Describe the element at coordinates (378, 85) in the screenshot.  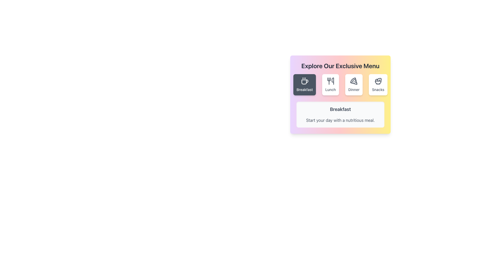
I see `the 'Snacks' button located as the fourth item in a horizontal menu layout to trigger visual feedback` at that location.